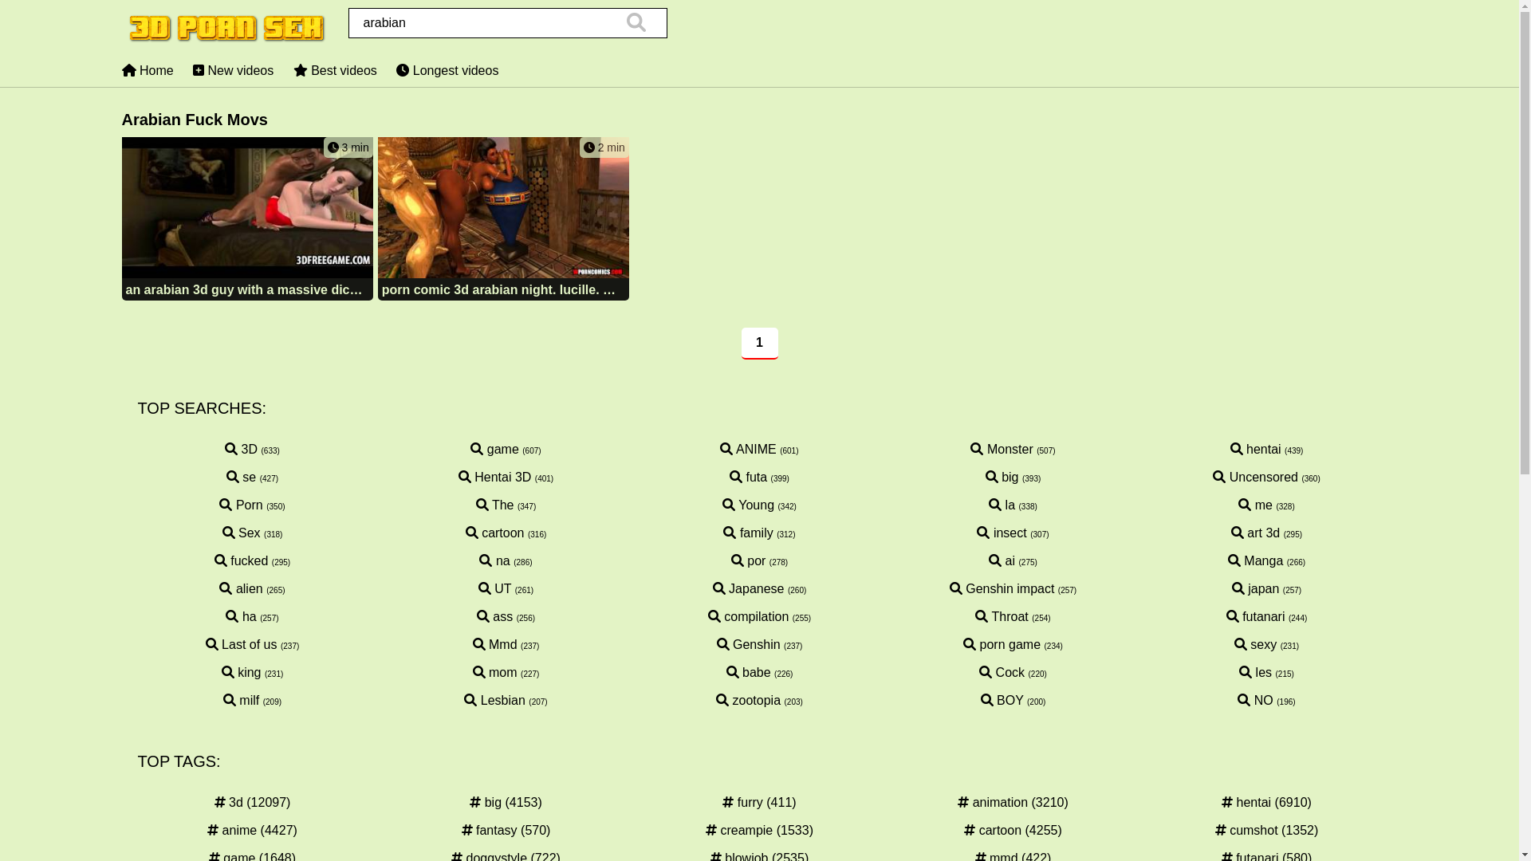 The height and width of the screenshot is (861, 1531). What do you see at coordinates (240, 533) in the screenshot?
I see `'Sex'` at bounding box center [240, 533].